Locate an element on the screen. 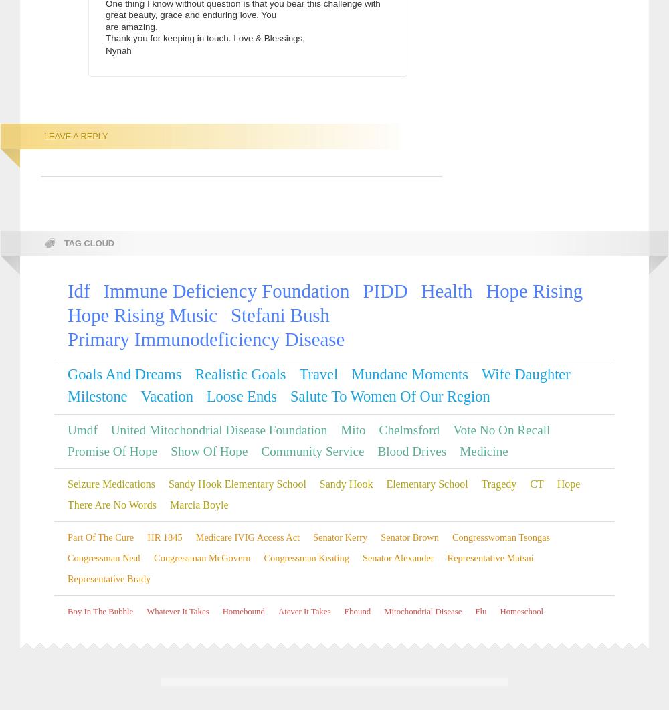  'Thank you for keeping in touch. Love & Blessings,' is located at coordinates (205, 38).